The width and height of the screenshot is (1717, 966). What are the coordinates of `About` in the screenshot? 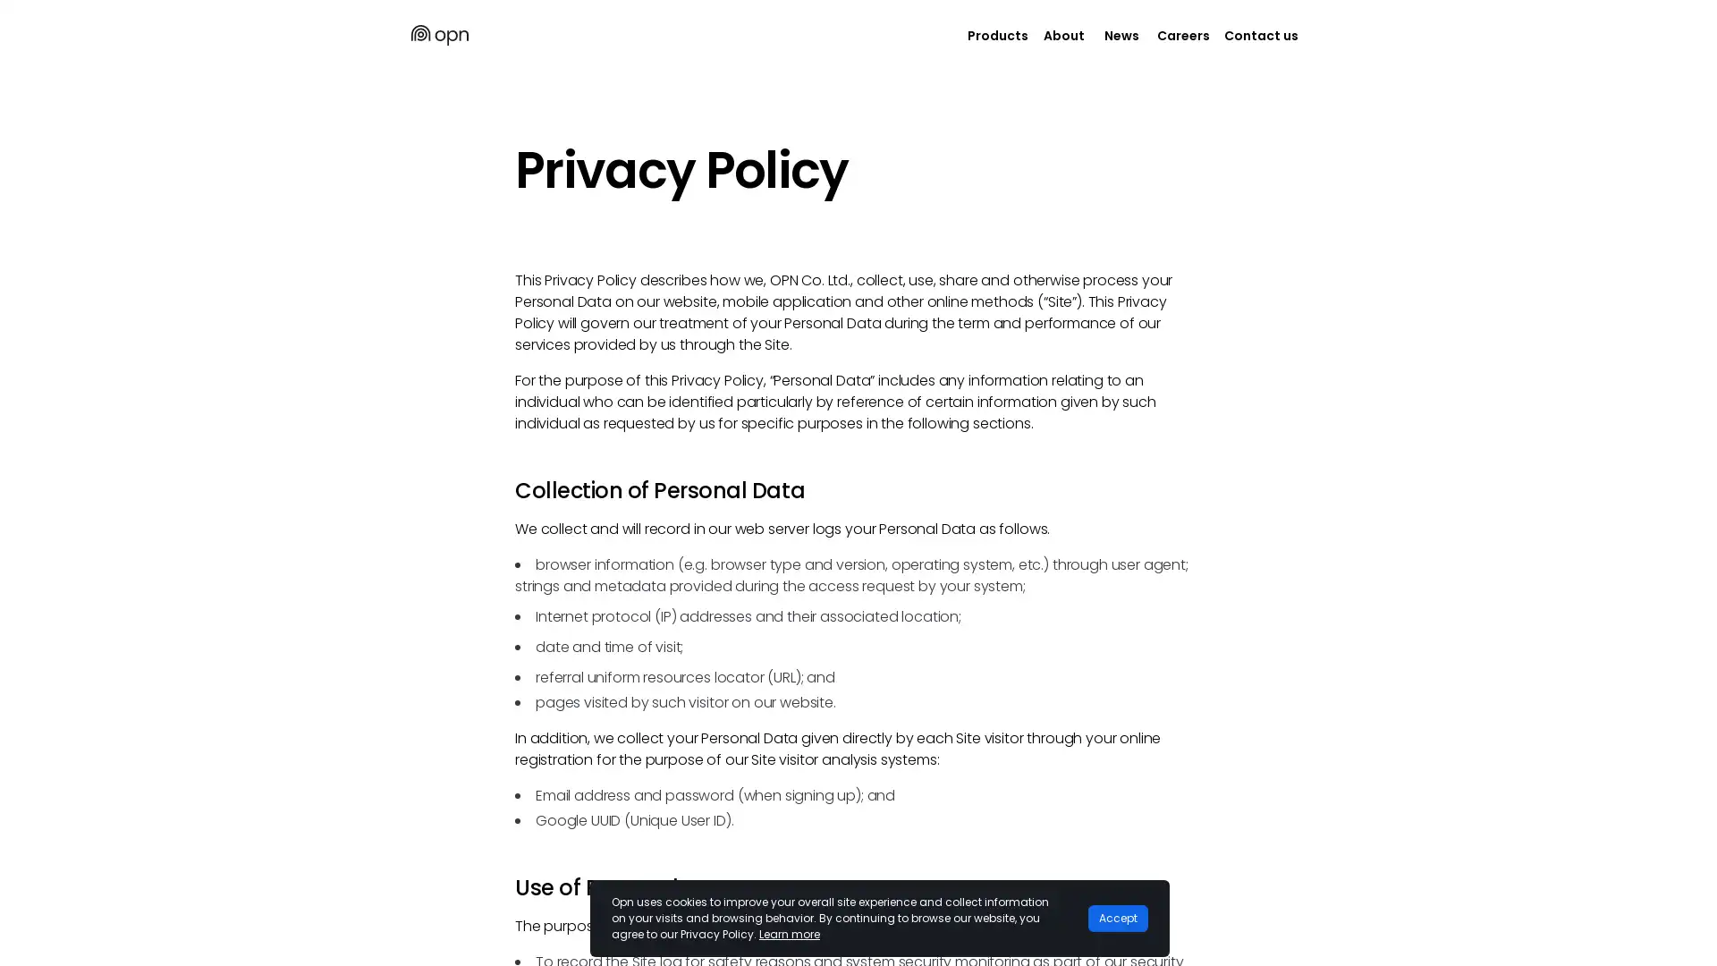 It's located at (1064, 35).